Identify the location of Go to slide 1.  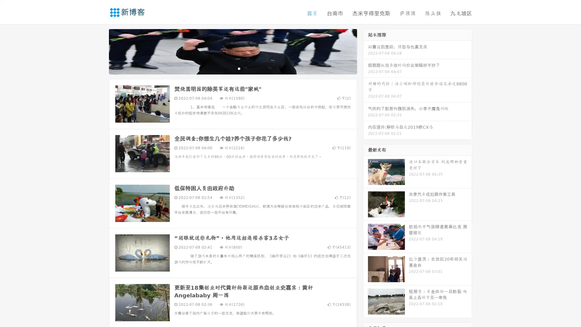
(226, 68).